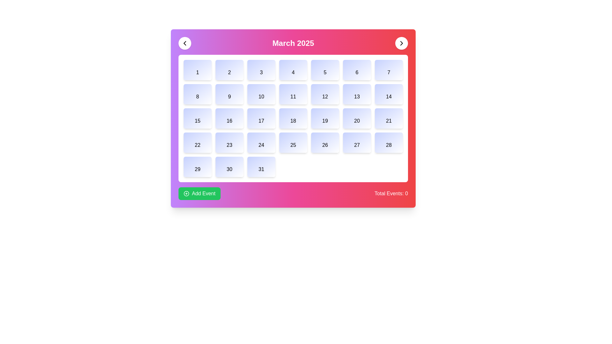 This screenshot has height=344, width=612. Describe the element at coordinates (229, 142) in the screenshot. I see `the calendar date cell representing the 23rd day` at that location.